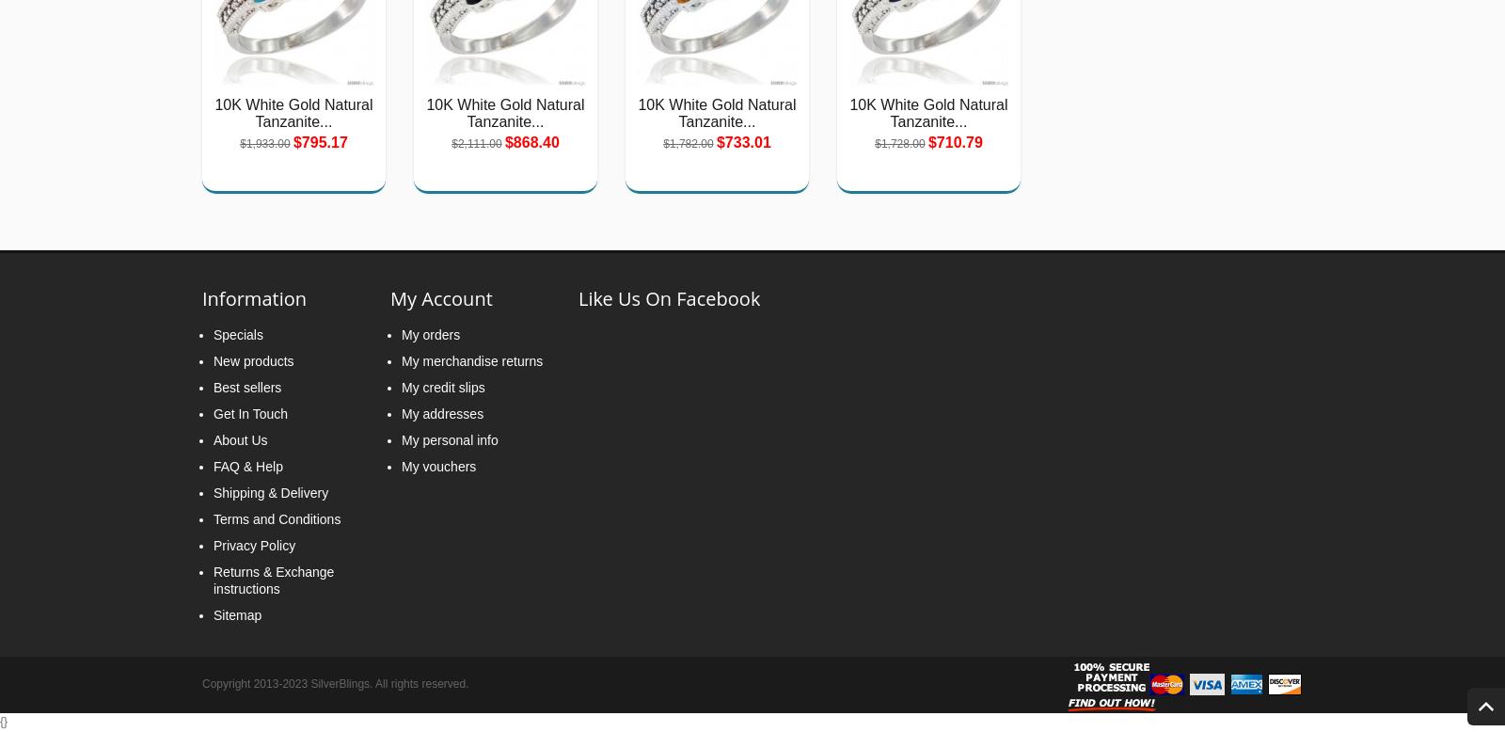 Image resolution: width=1505 pixels, height=732 pixels. I want to click on 'My merchandise returns', so click(470, 360).